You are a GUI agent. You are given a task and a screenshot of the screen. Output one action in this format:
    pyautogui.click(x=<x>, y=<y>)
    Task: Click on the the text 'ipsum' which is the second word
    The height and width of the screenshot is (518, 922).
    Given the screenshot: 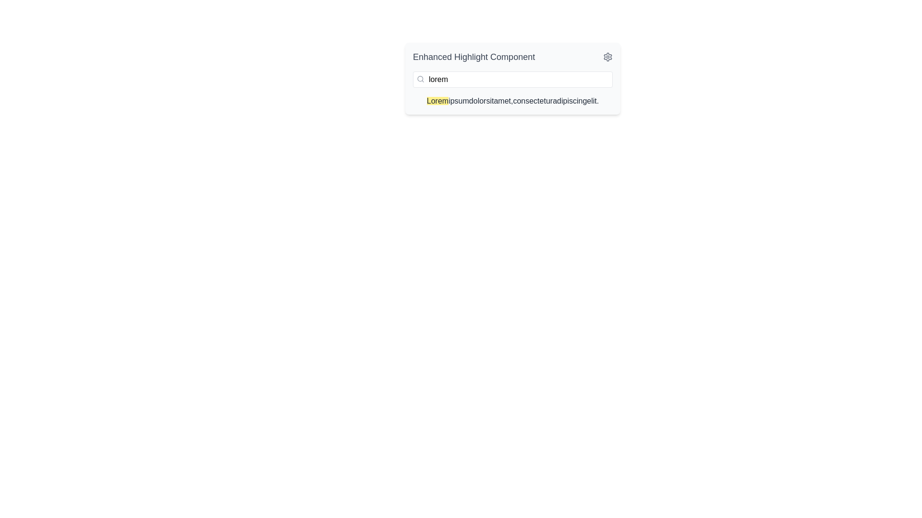 What is the action you would take?
    pyautogui.click(x=458, y=101)
    